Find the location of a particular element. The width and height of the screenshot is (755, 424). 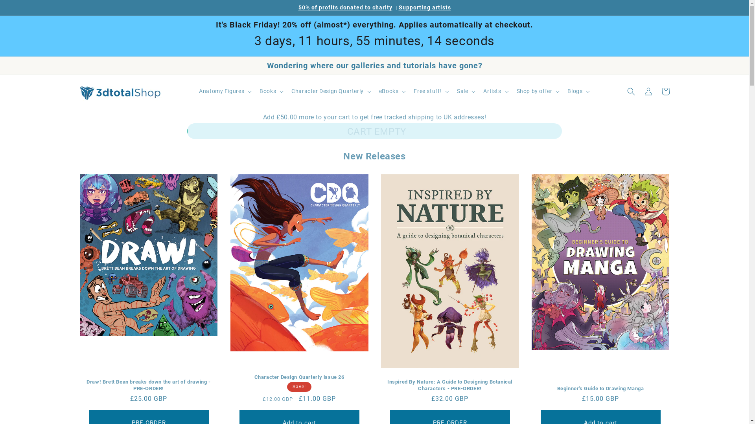

'Beginner's Guide to Drawing Manga' is located at coordinates (600, 389).